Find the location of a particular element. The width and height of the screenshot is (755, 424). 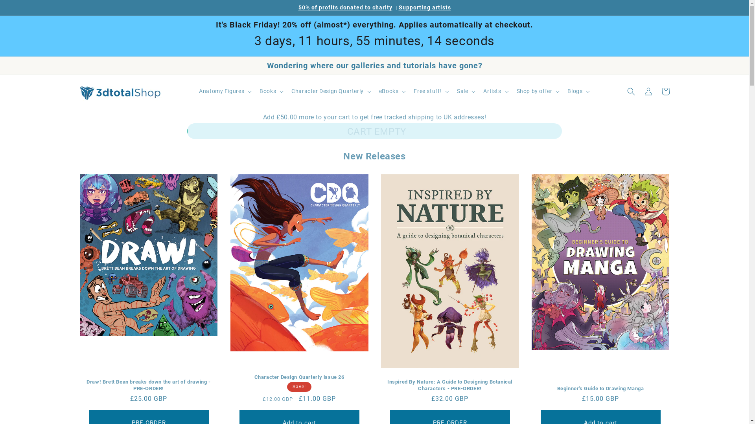

'Beginner's Guide to Drawing Manga' is located at coordinates (600, 389).